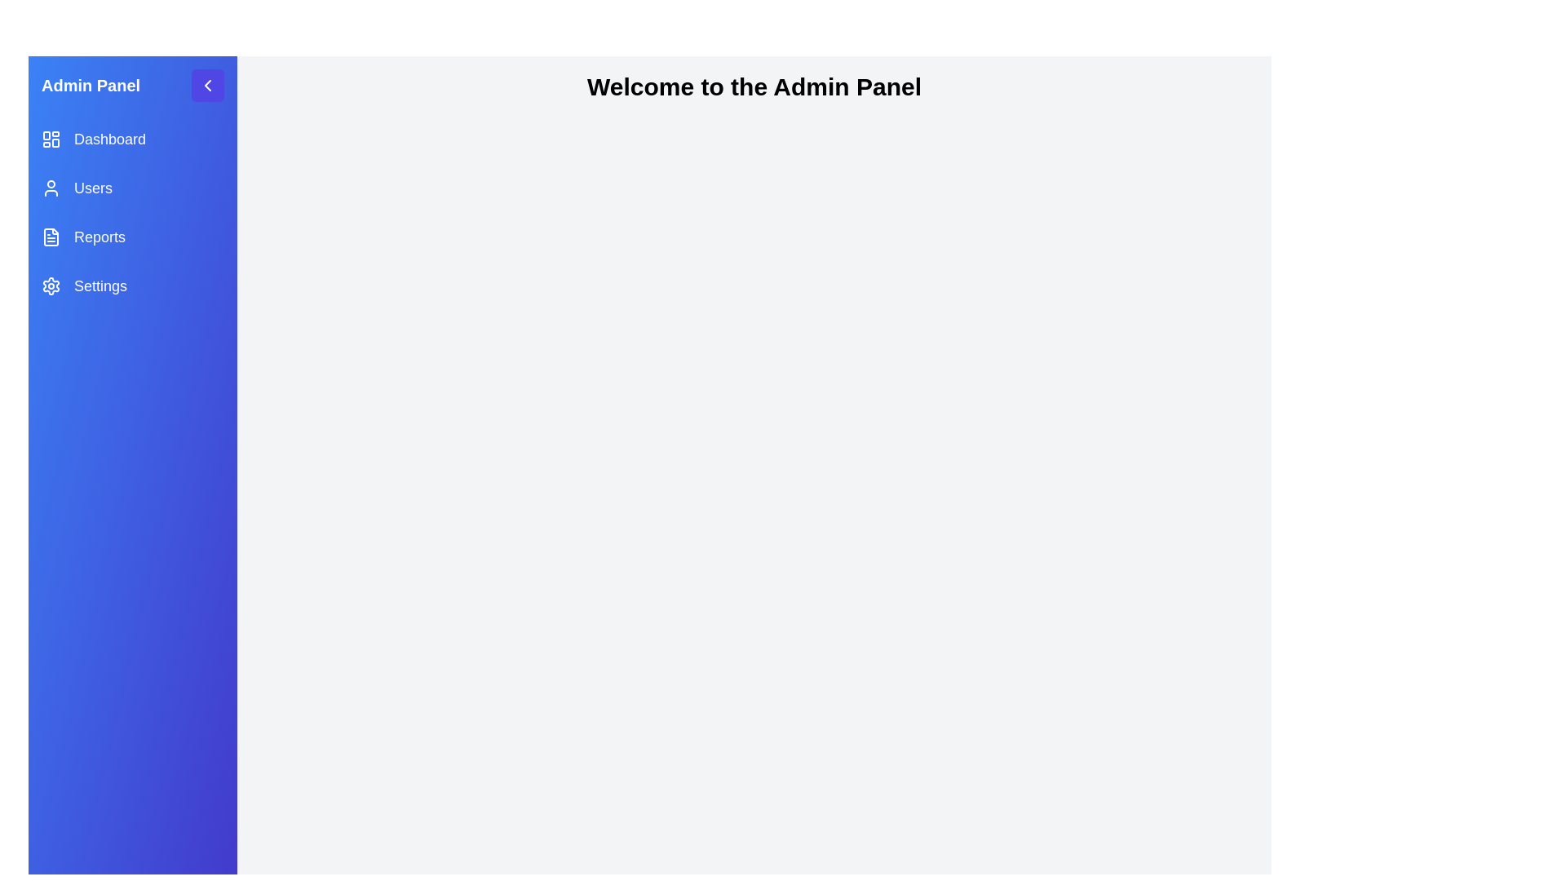 This screenshot has width=1566, height=881. Describe the element at coordinates (76, 188) in the screenshot. I see `the 'Users' navigation menu item, which is the second item in the vertical sidebar menu, to potentially reveal additional information or actions` at that location.